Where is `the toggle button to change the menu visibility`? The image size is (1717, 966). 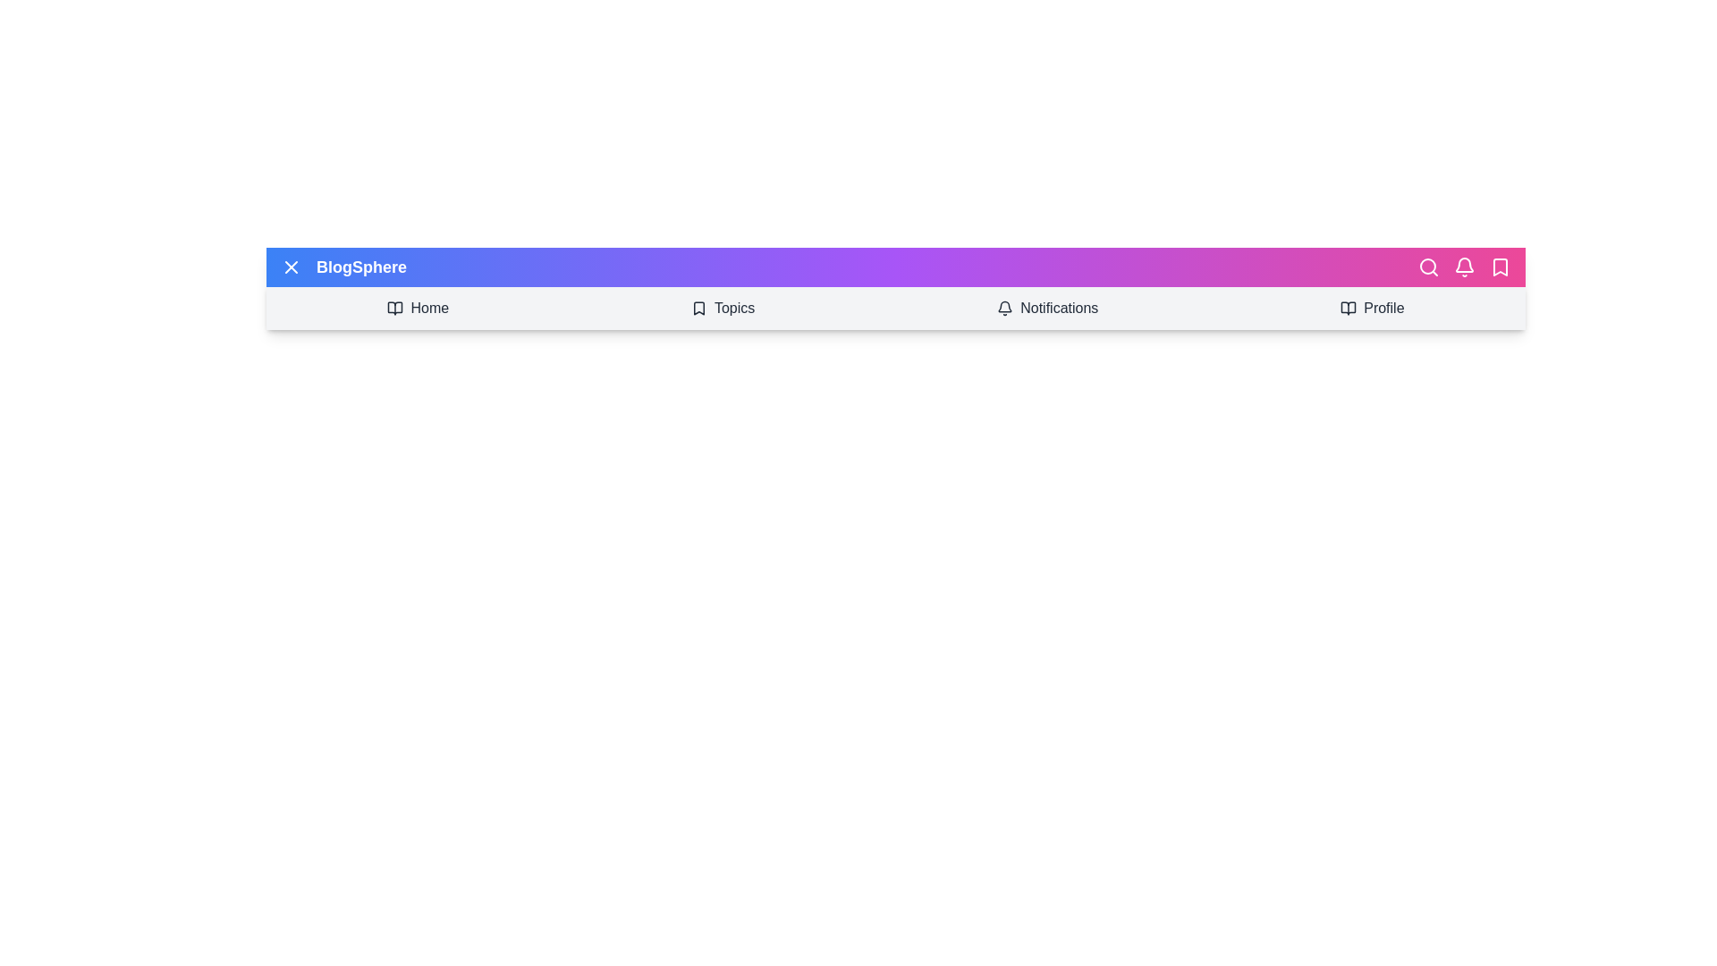 the toggle button to change the menu visibility is located at coordinates (292, 267).